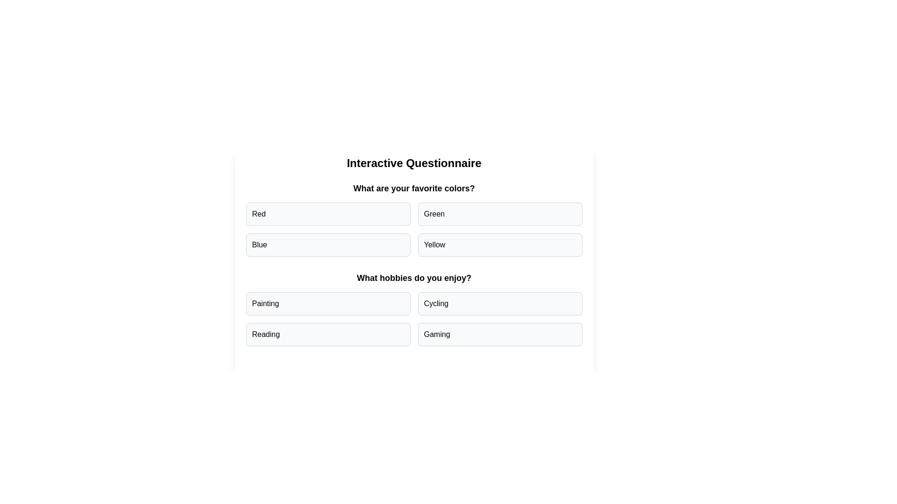 Image resolution: width=897 pixels, height=504 pixels. I want to click on the answer option Gaming for the question What hobbies do you enjoy?, so click(499, 334).